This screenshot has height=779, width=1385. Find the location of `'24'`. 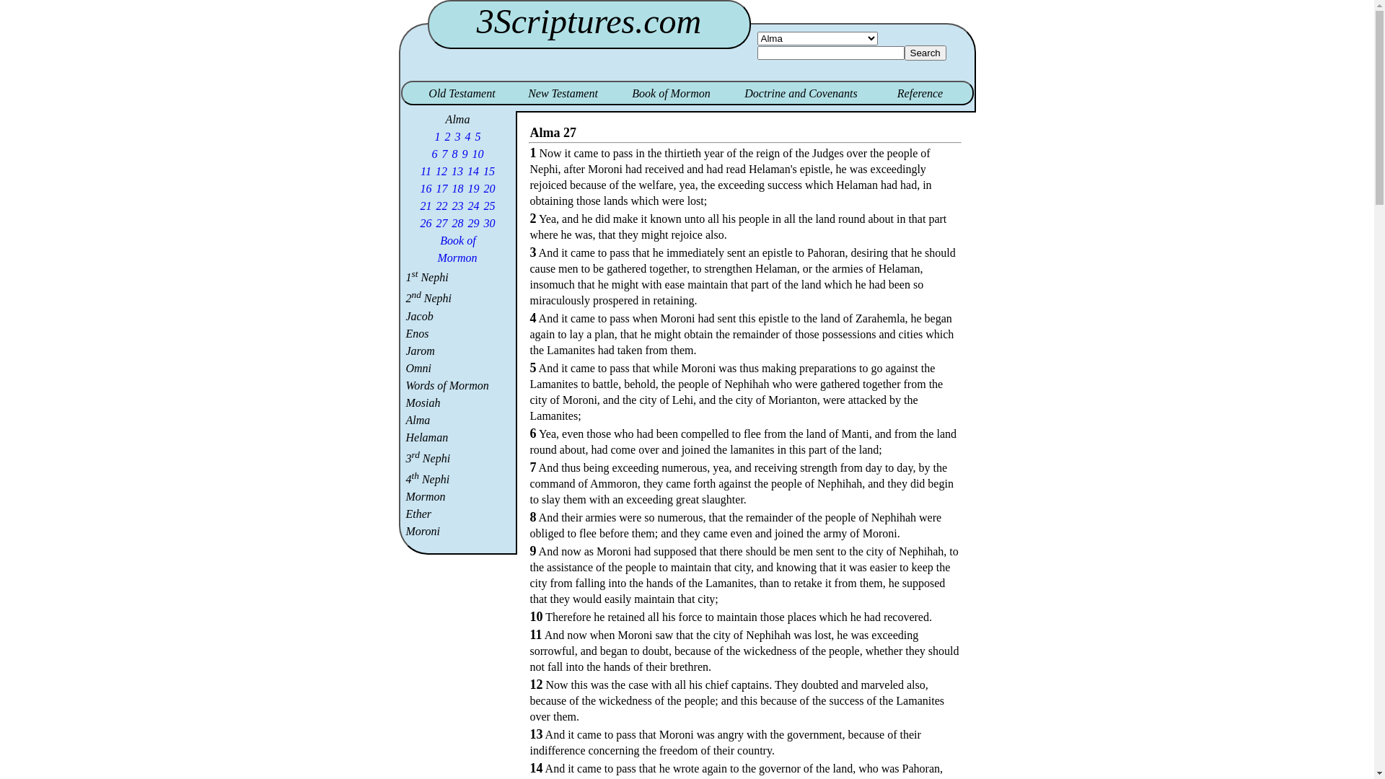

'24' is located at coordinates (474, 206).